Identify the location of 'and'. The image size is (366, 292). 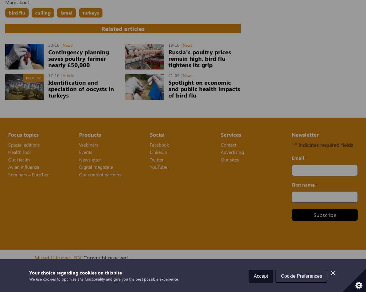
(208, 265).